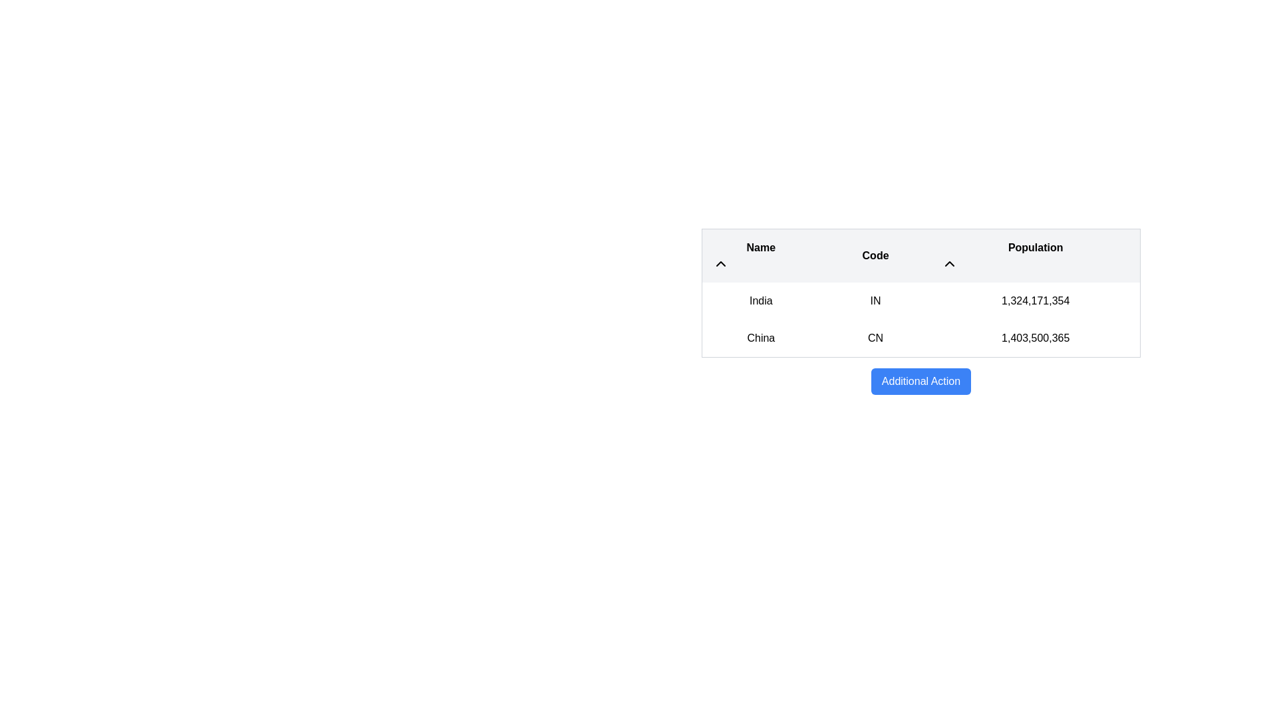  What do you see at coordinates (921, 382) in the screenshot?
I see `the rectangular blue button labeled 'Additional Action', which is positioned directly below the table listing countries and their populations` at bounding box center [921, 382].